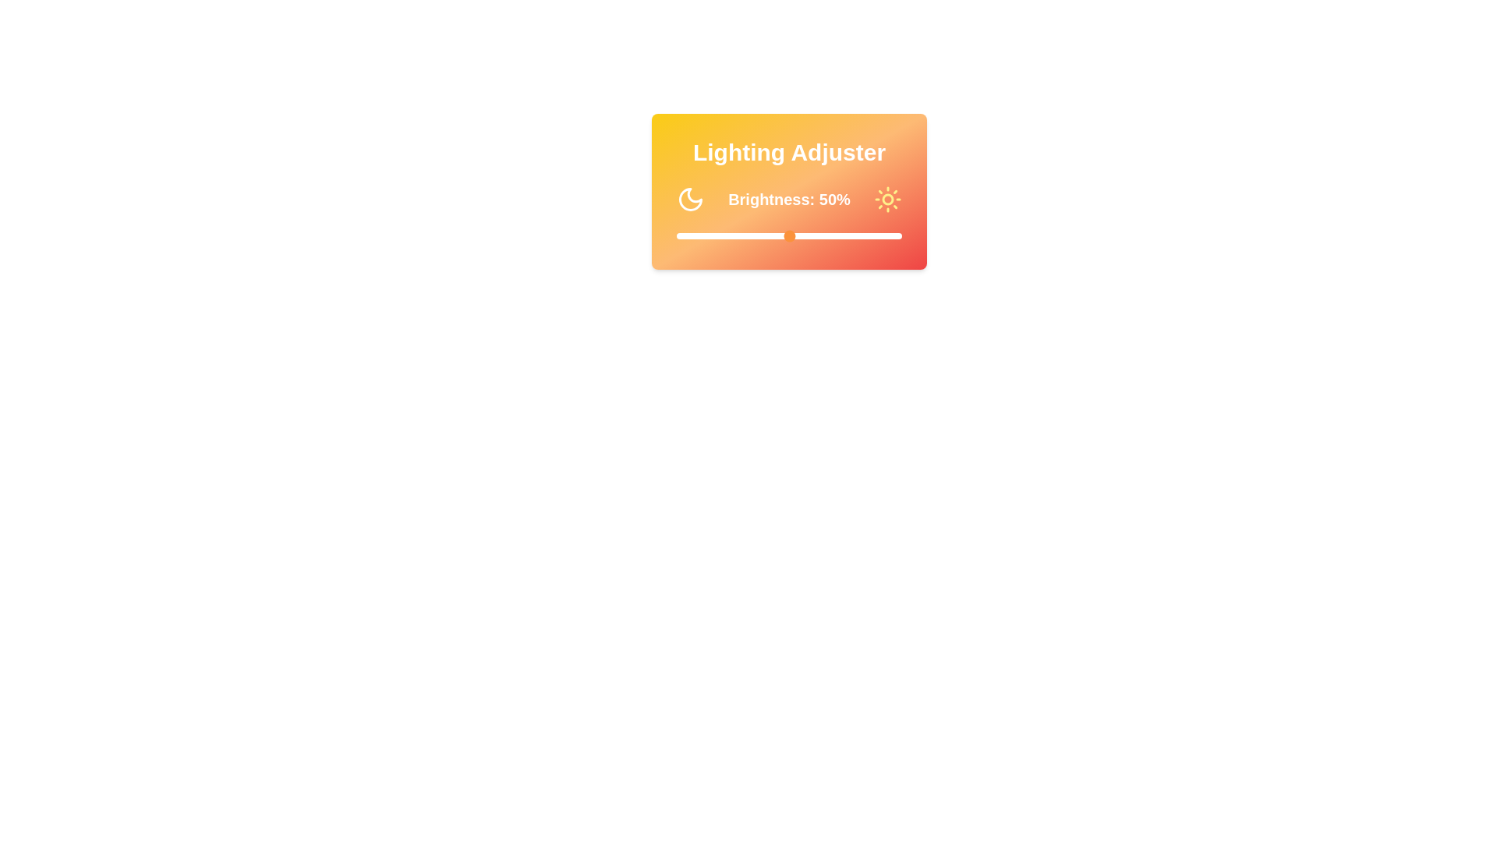  Describe the element at coordinates (882, 236) in the screenshot. I see `the brightness slider to 91%` at that location.